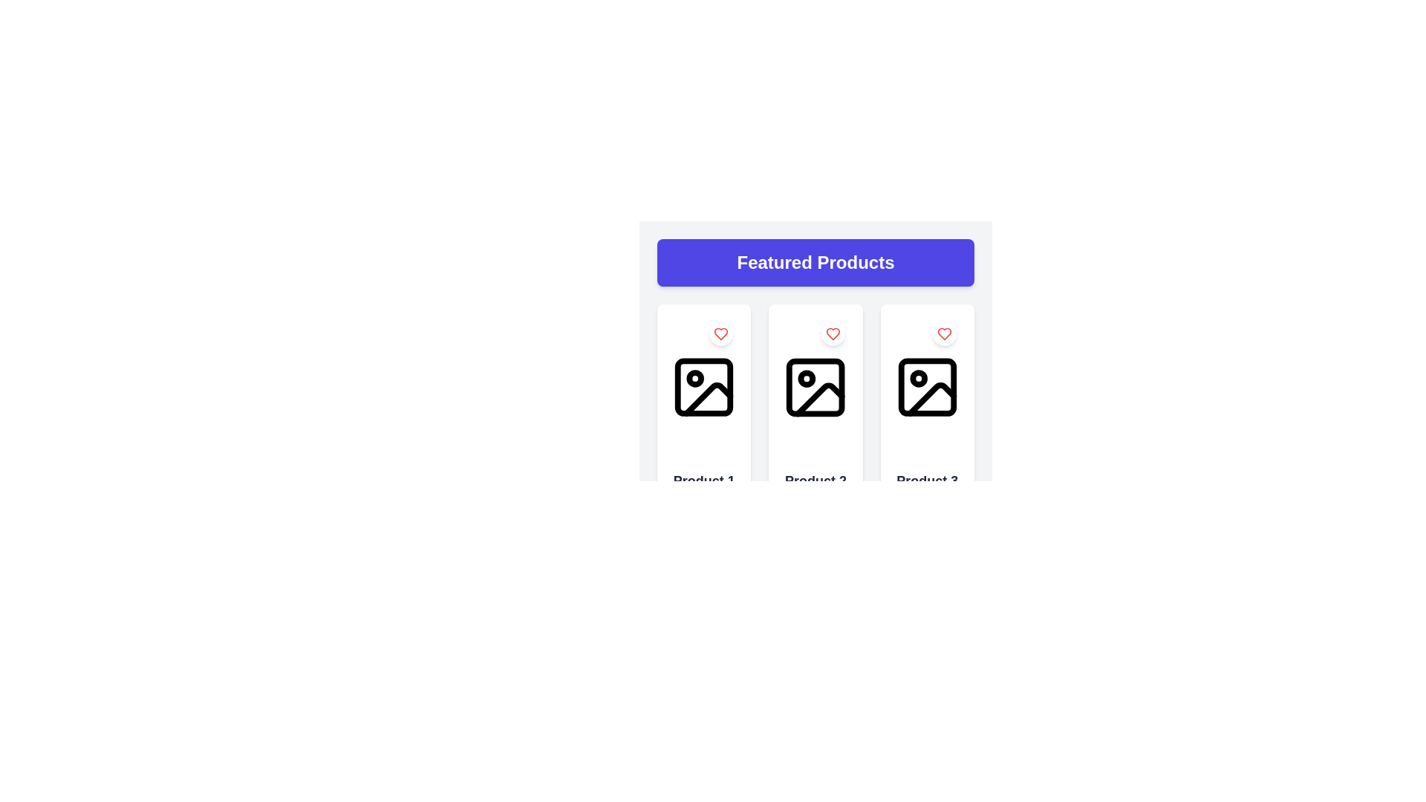 Image resolution: width=1426 pixels, height=802 pixels. I want to click on the Text Header element that serves as a title for the product section, clearly labeling the content below for users, so click(815, 262).